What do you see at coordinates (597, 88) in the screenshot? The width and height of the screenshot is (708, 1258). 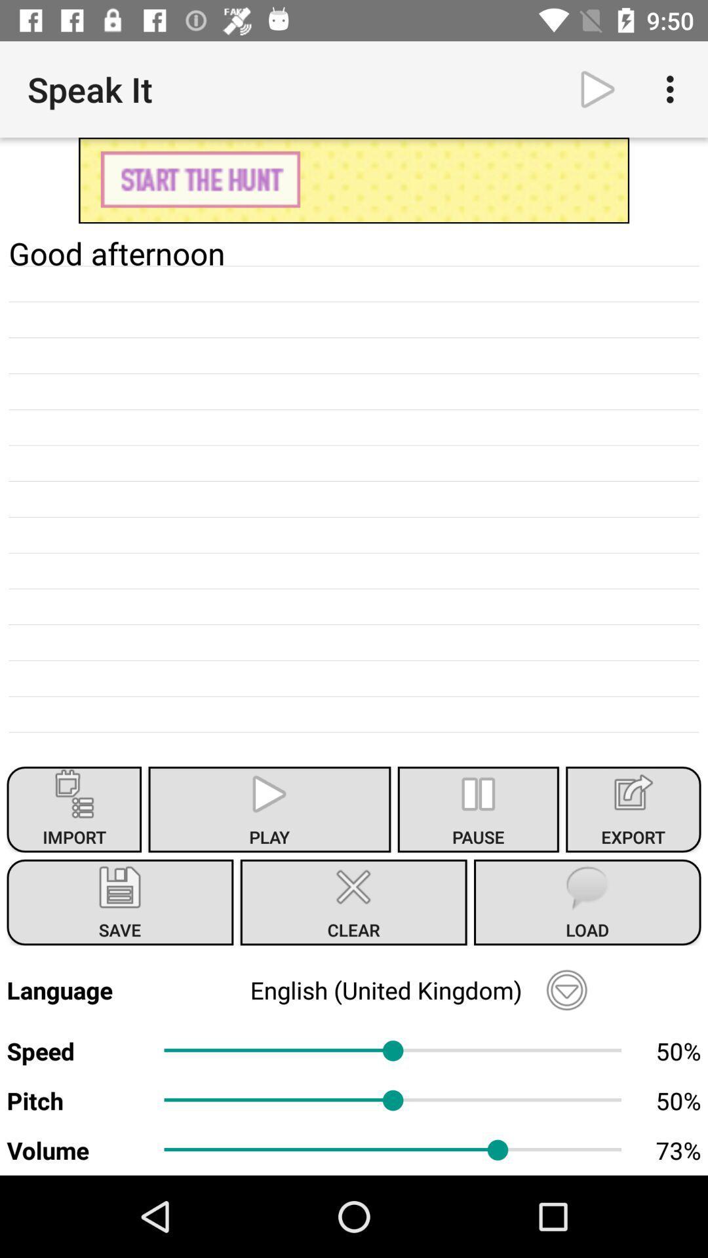 I see `play` at bounding box center [597, 88].